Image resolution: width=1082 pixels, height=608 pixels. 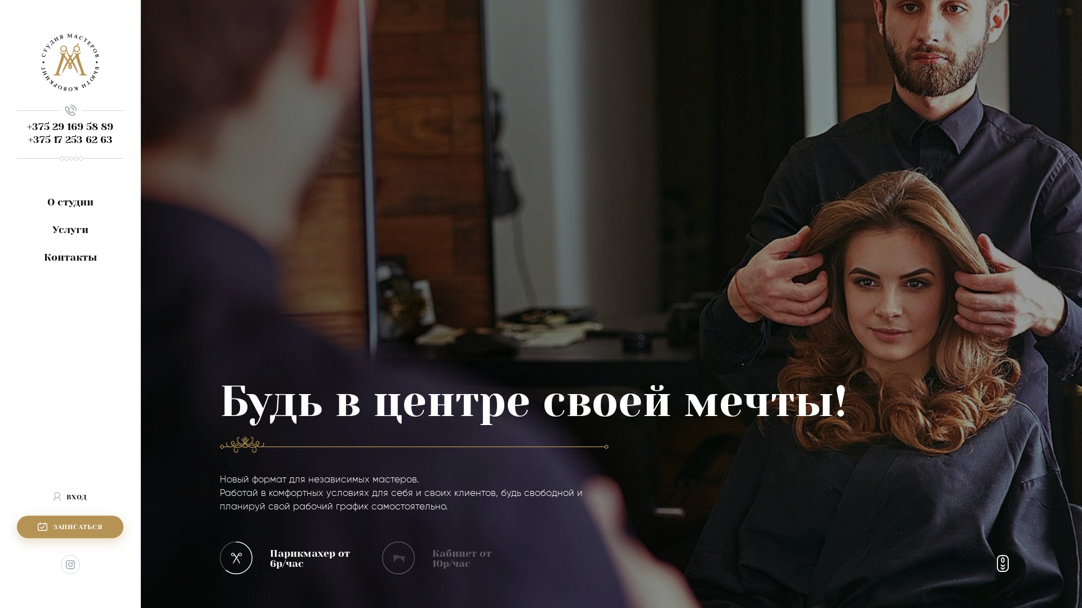 I want to click on '+375 29 169 58 89', so click(x=69, y=126).